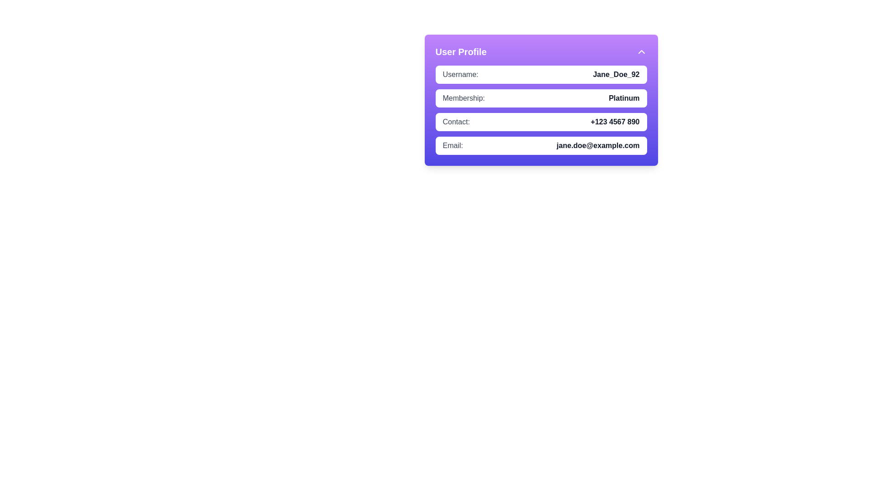 The height and width of the screenshot is (492, 875). Describe the element at coordinates (541, 106) in the screenshot. I see `value displayed in the user's membership level section, which shows 'Platinum' in a bold font style within a white rounded rectangular box` at that location.